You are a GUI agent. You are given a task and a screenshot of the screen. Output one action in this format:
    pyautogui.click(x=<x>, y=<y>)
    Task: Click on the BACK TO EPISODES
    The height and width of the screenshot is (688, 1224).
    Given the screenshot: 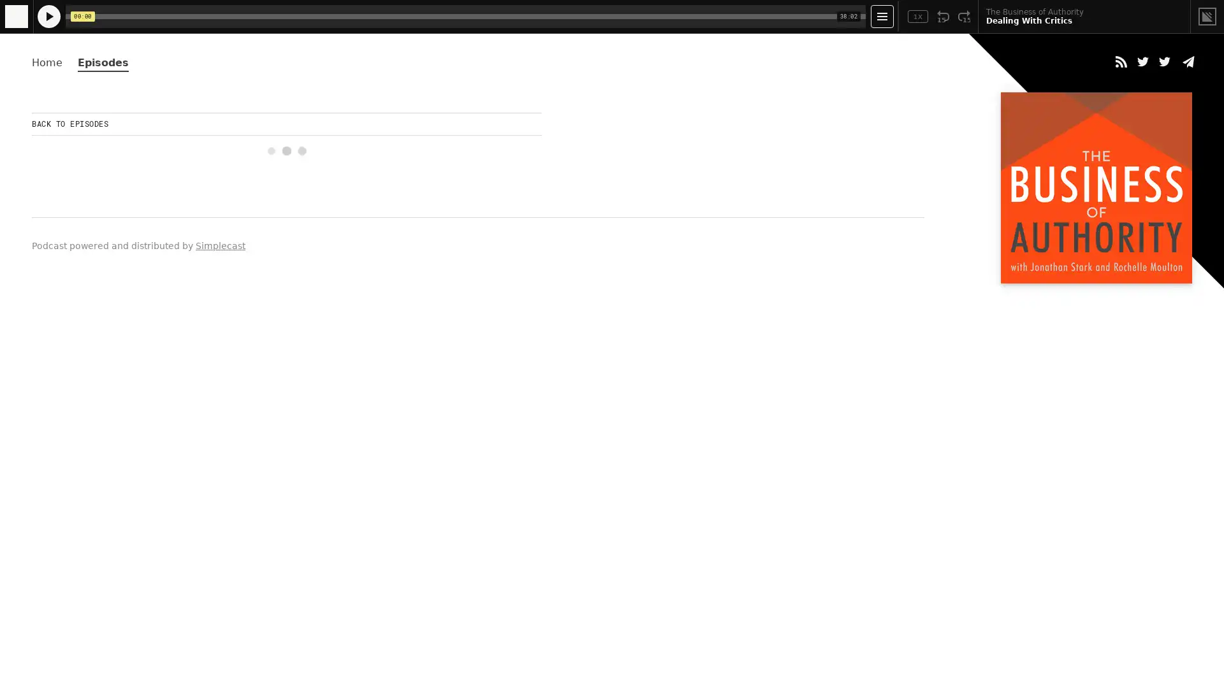 What is the action you would take?
    pyautogui.click(x=286, y=124)
    